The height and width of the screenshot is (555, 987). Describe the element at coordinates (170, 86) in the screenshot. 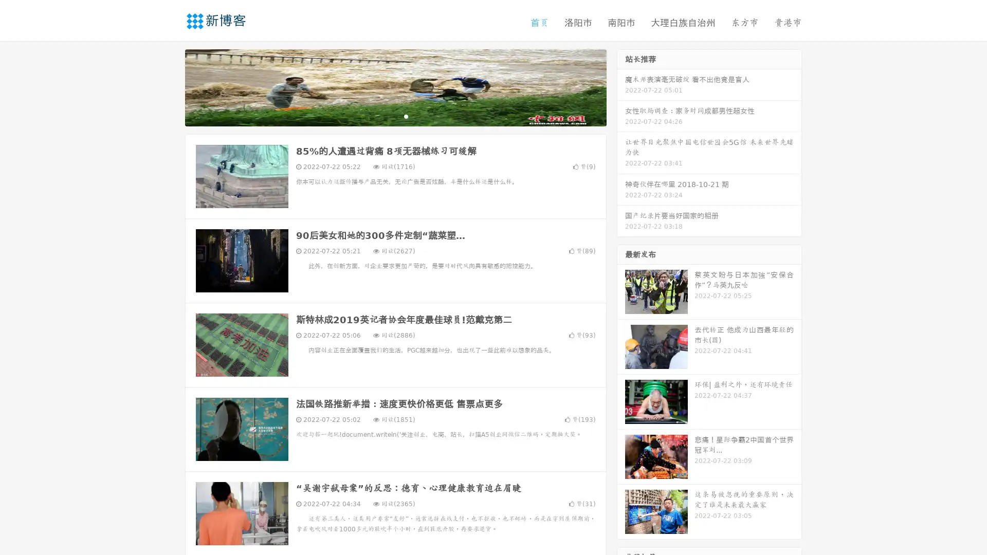

I see `Previous slide` at that location.